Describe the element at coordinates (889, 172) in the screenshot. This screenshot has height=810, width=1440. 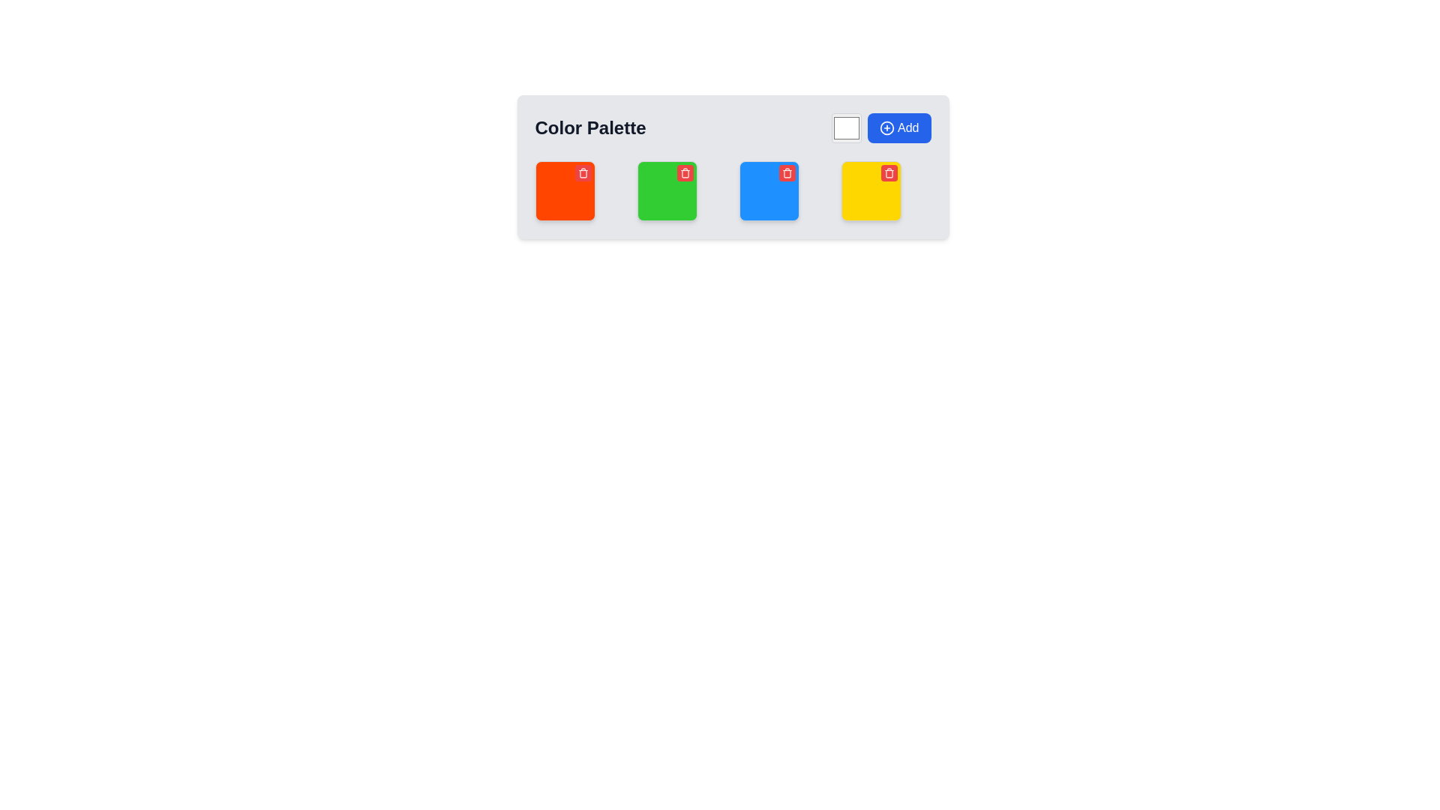
I see `the delete button represented by a trash can icon located at the top-right corner of the fourth yellow square in the color palette` at that location.